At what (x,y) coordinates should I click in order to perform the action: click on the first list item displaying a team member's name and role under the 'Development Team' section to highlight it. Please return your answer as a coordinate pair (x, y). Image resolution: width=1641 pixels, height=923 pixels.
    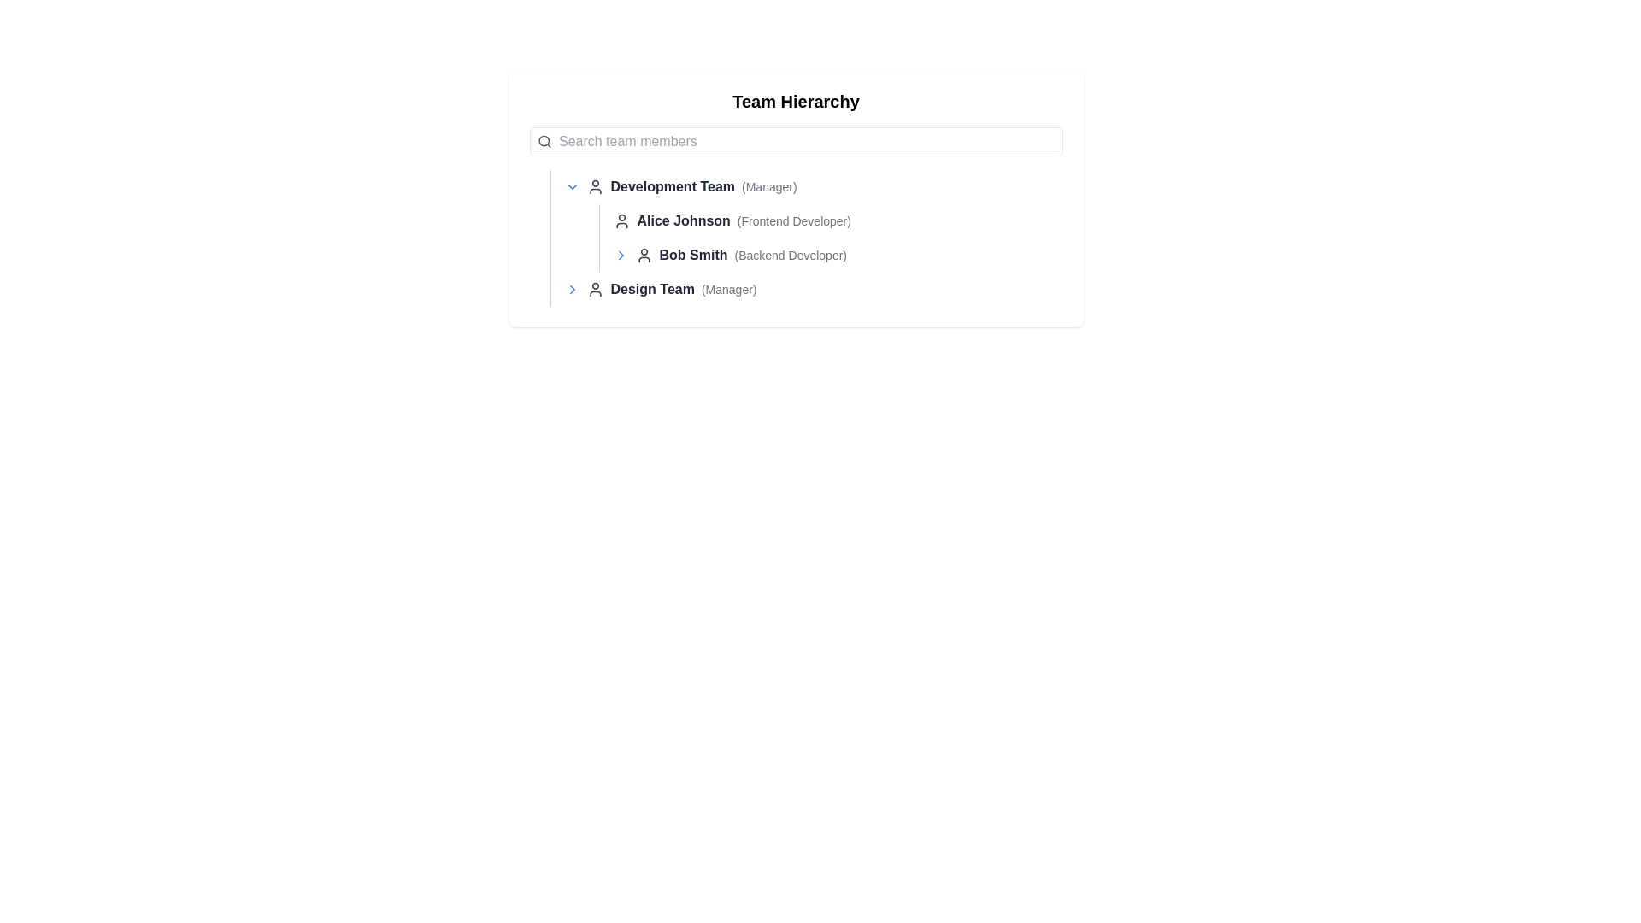
    Looking at the image, I should click on (831, 220).